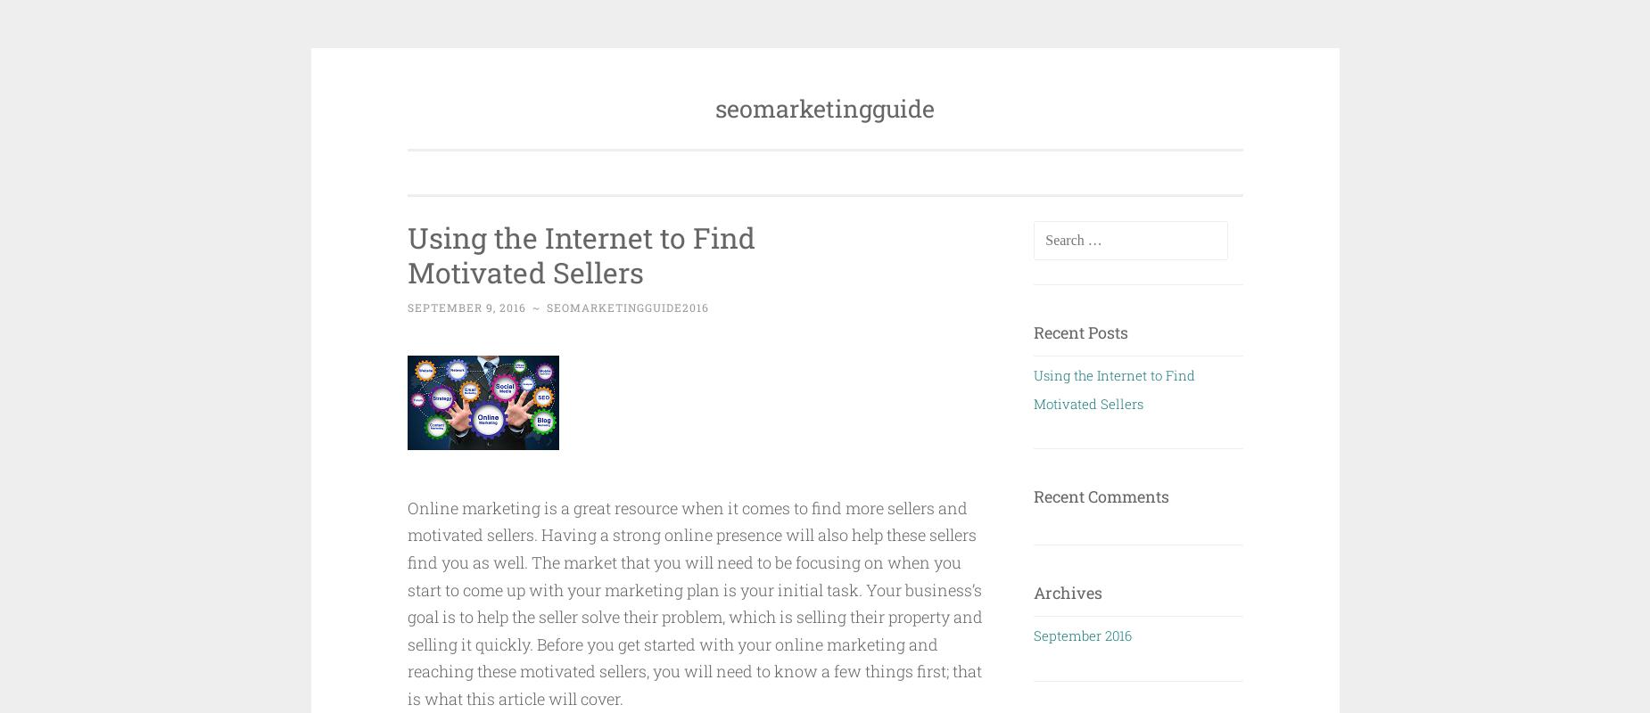 This screenshot has height=713, width=1650. I want to click on 'Recent Comments', so click(1101, 496).